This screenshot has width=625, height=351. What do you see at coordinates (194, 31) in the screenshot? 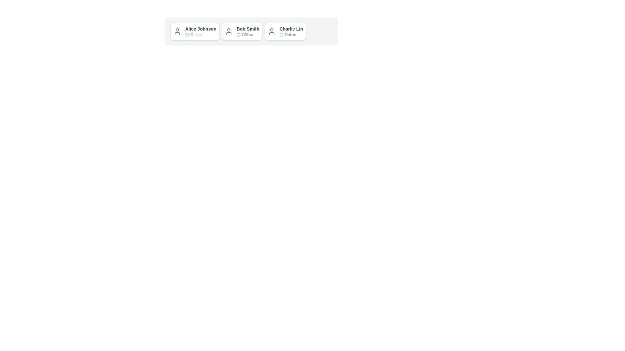
I see `the card of Alice Johnson to highlight it` at bounding box center [194, 31].